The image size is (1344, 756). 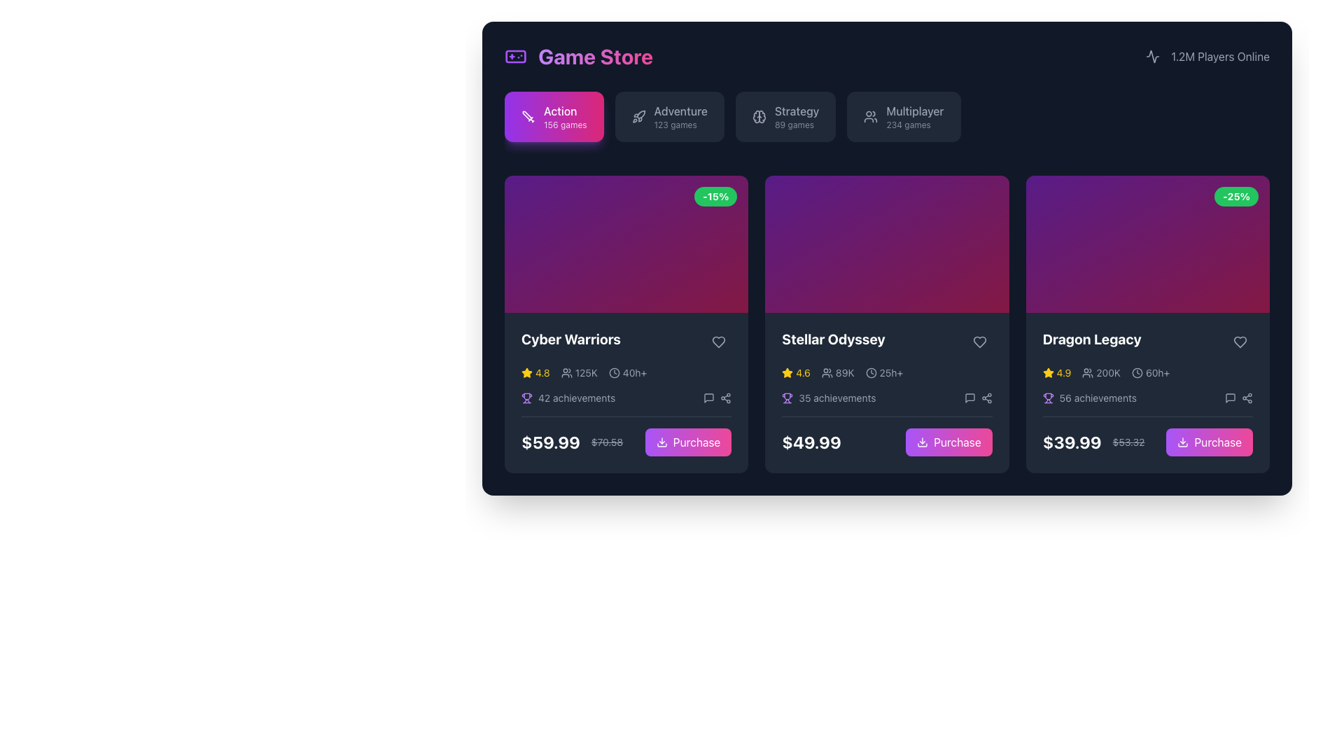 I want to click on the price label of the 'Stellar Odyssey' game, which is located in the bottom section of the game card, directly to the left of the 'Purchase' button, so click(x=811, y=442).